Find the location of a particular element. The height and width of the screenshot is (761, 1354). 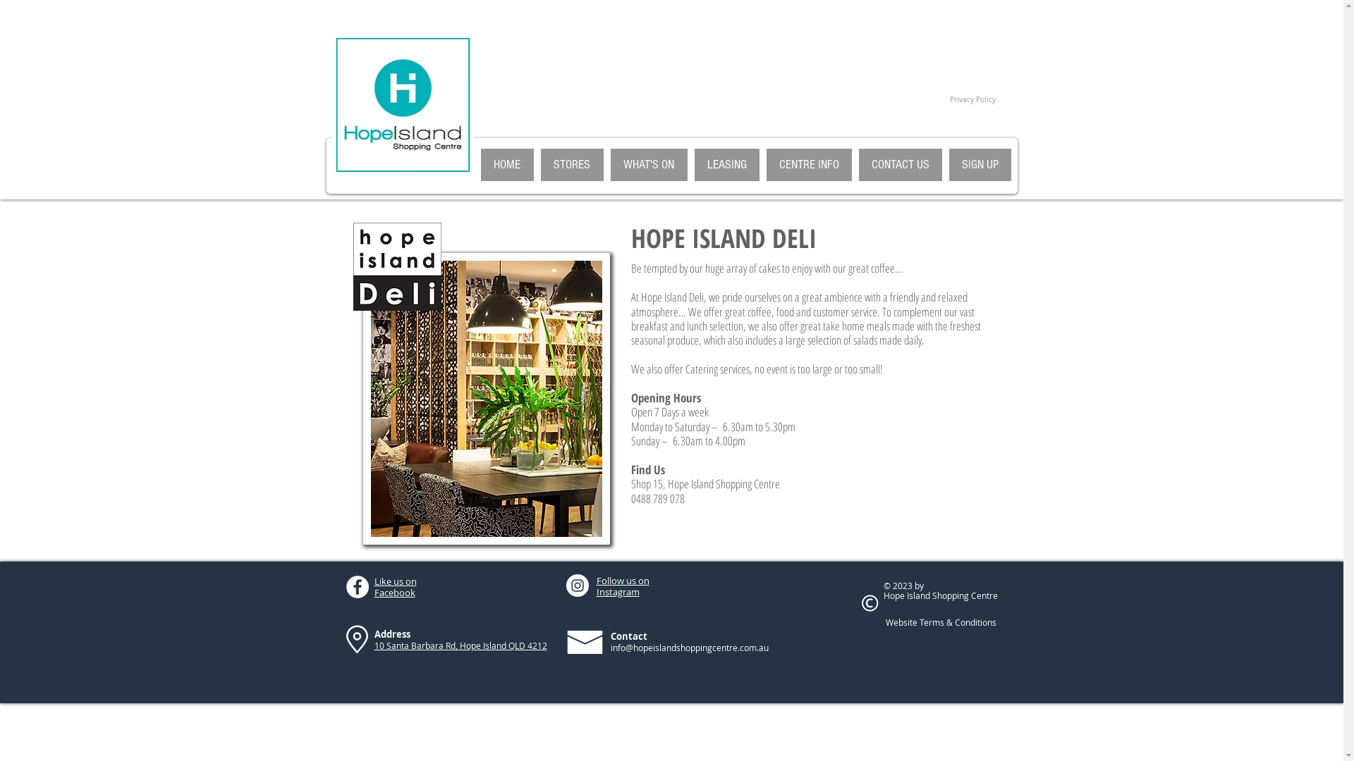

'CENTRE INFO' is located at coordinates (808, 164).